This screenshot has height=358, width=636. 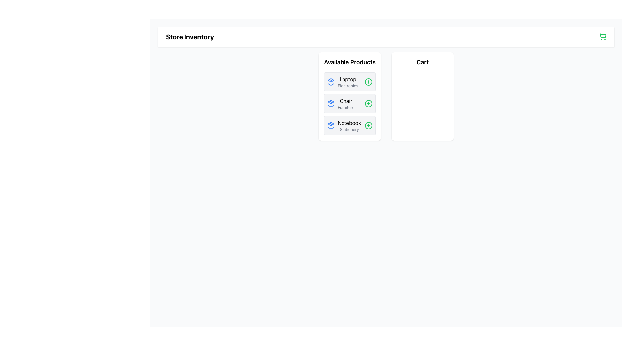 I want to click on the 'Available Products' static text label located at the top of the white card containing a list of offered items, so click(x=349, y=62).